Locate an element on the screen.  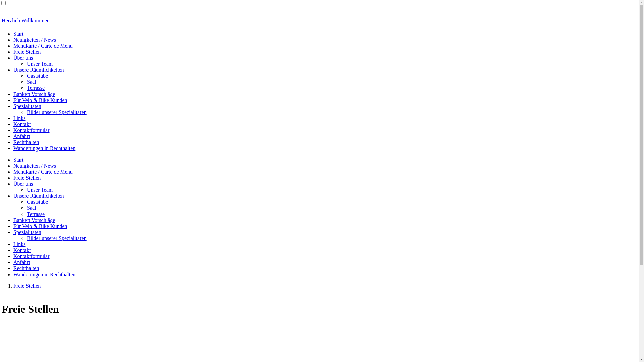
'Links' is located at coordinates (19, 244).